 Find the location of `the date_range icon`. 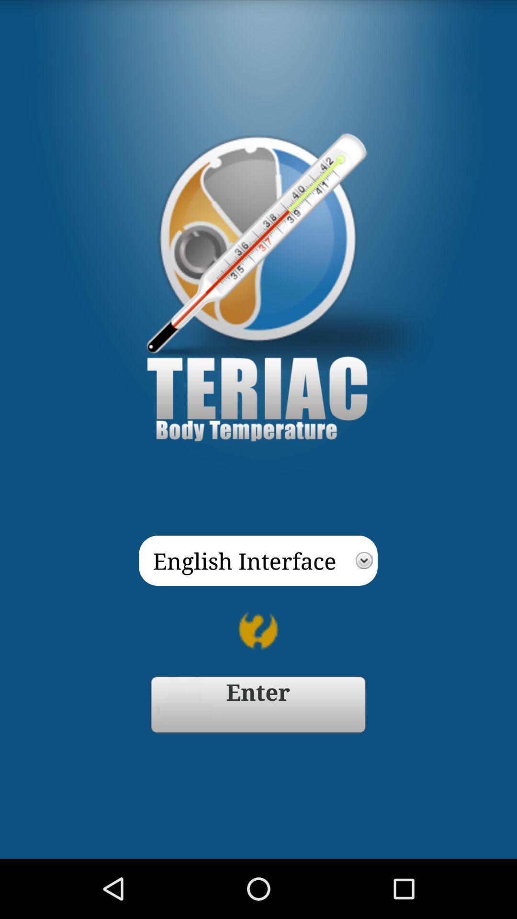

the date_range icon is located at coordinates (258, 753).